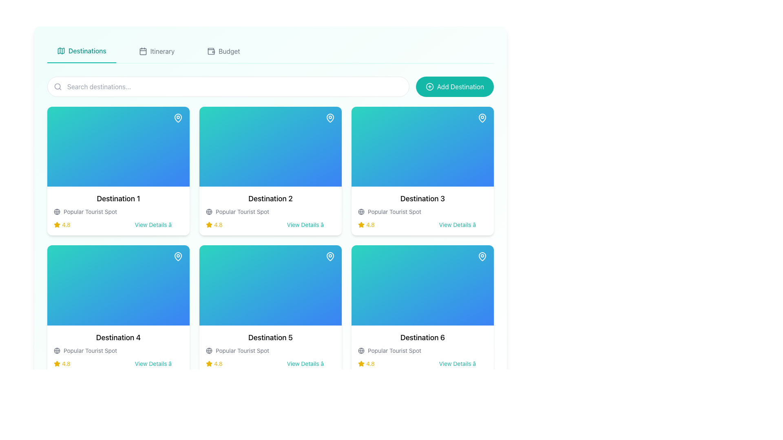 The image size is (783, 440). Describe the element at coordinates (218, 363) in the screenshot. I see `the numeric rating score (4.8) displayed at the bottom-left corner of the 'Destination 5' card, which is next to a yellow star icon` at that location.